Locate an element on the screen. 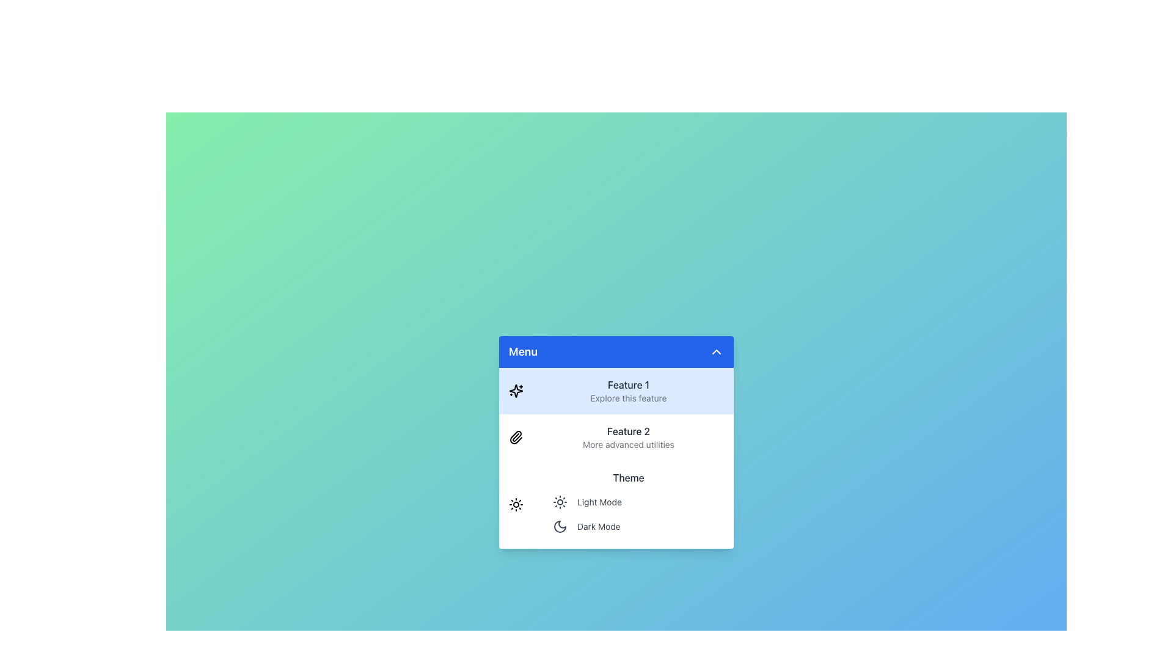  the graphical icon representing the 'Feature 2' menu option, which is located to the left of the text labels 'Feature 2' and 'More advanced utilities' in the second menu entry under the 'Menu' section is located at coordinates (516, 437).